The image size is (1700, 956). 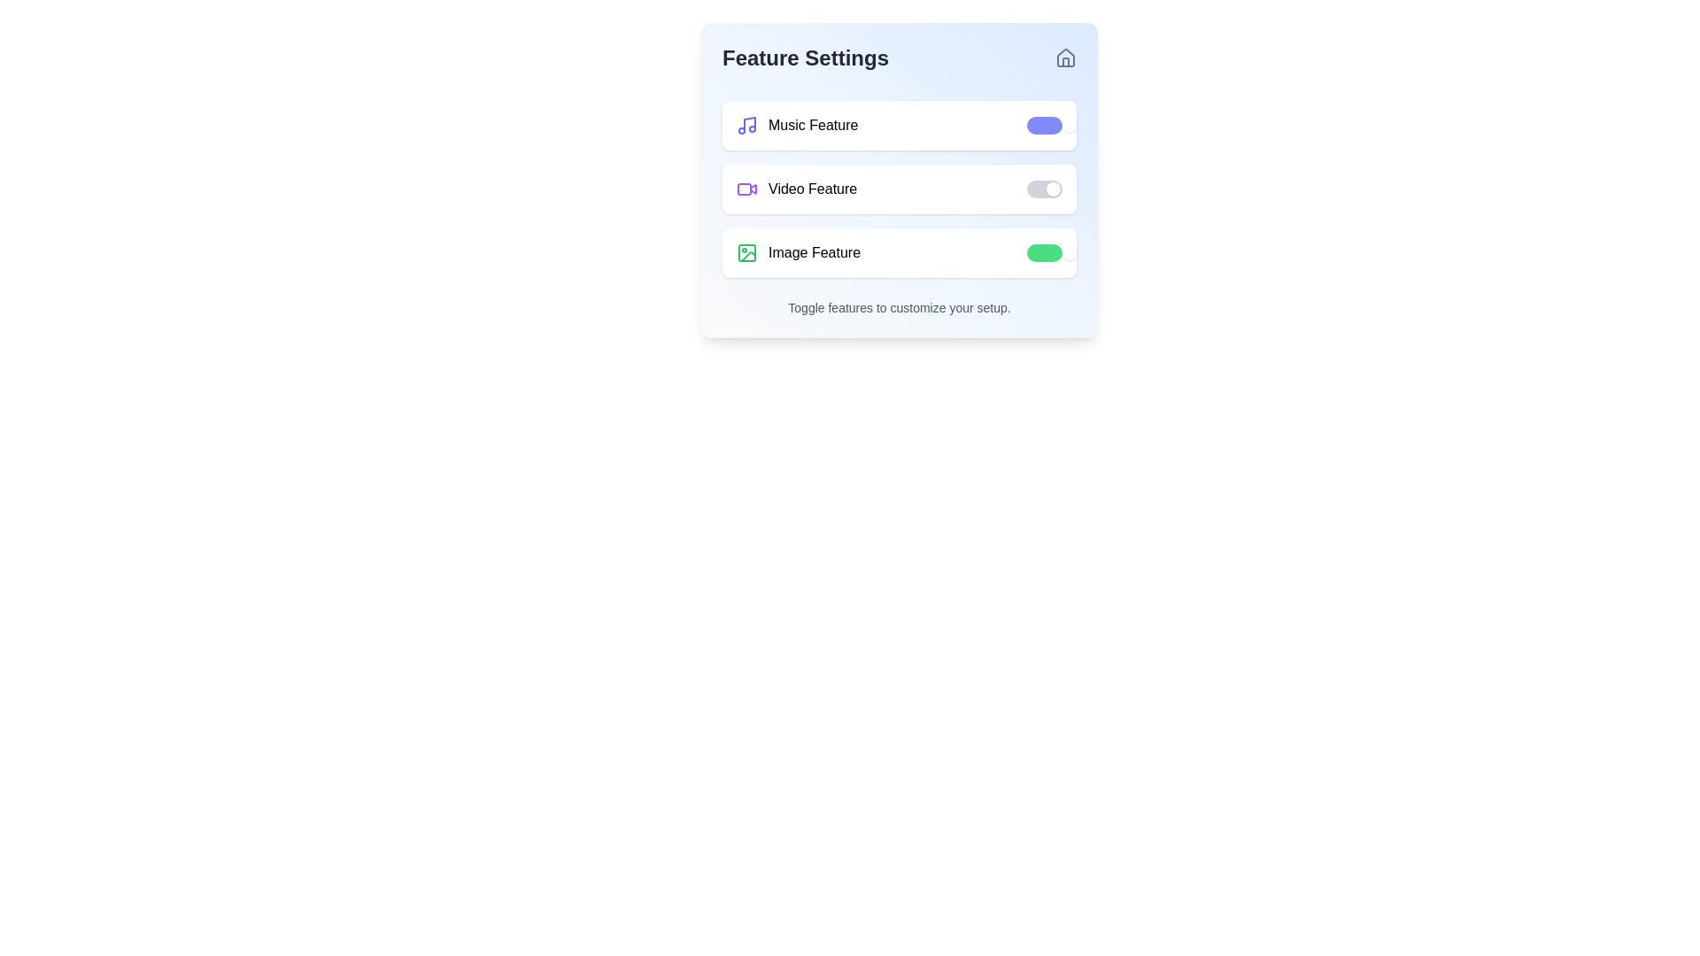 I want to click on the toggle option for the 'Video Feature' located in the 'Feature Settings' card, which is the second element in a vertical list, so click(x=900, y=189).